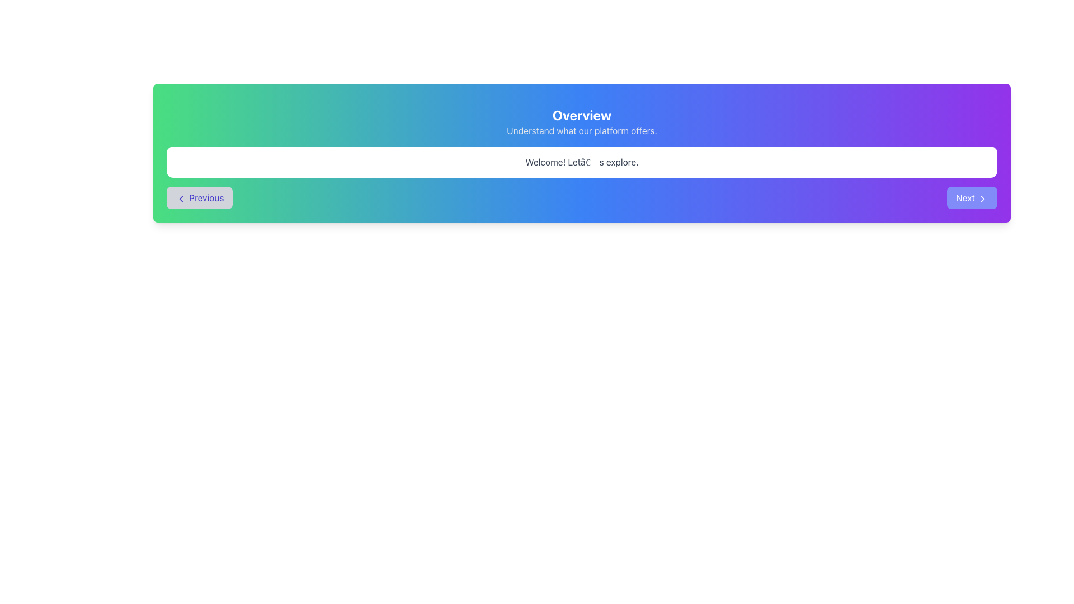  I want to click on the 'Previous' button, which has a rounded shape with a light indigo background and darker indigo text, so click(199, 197).